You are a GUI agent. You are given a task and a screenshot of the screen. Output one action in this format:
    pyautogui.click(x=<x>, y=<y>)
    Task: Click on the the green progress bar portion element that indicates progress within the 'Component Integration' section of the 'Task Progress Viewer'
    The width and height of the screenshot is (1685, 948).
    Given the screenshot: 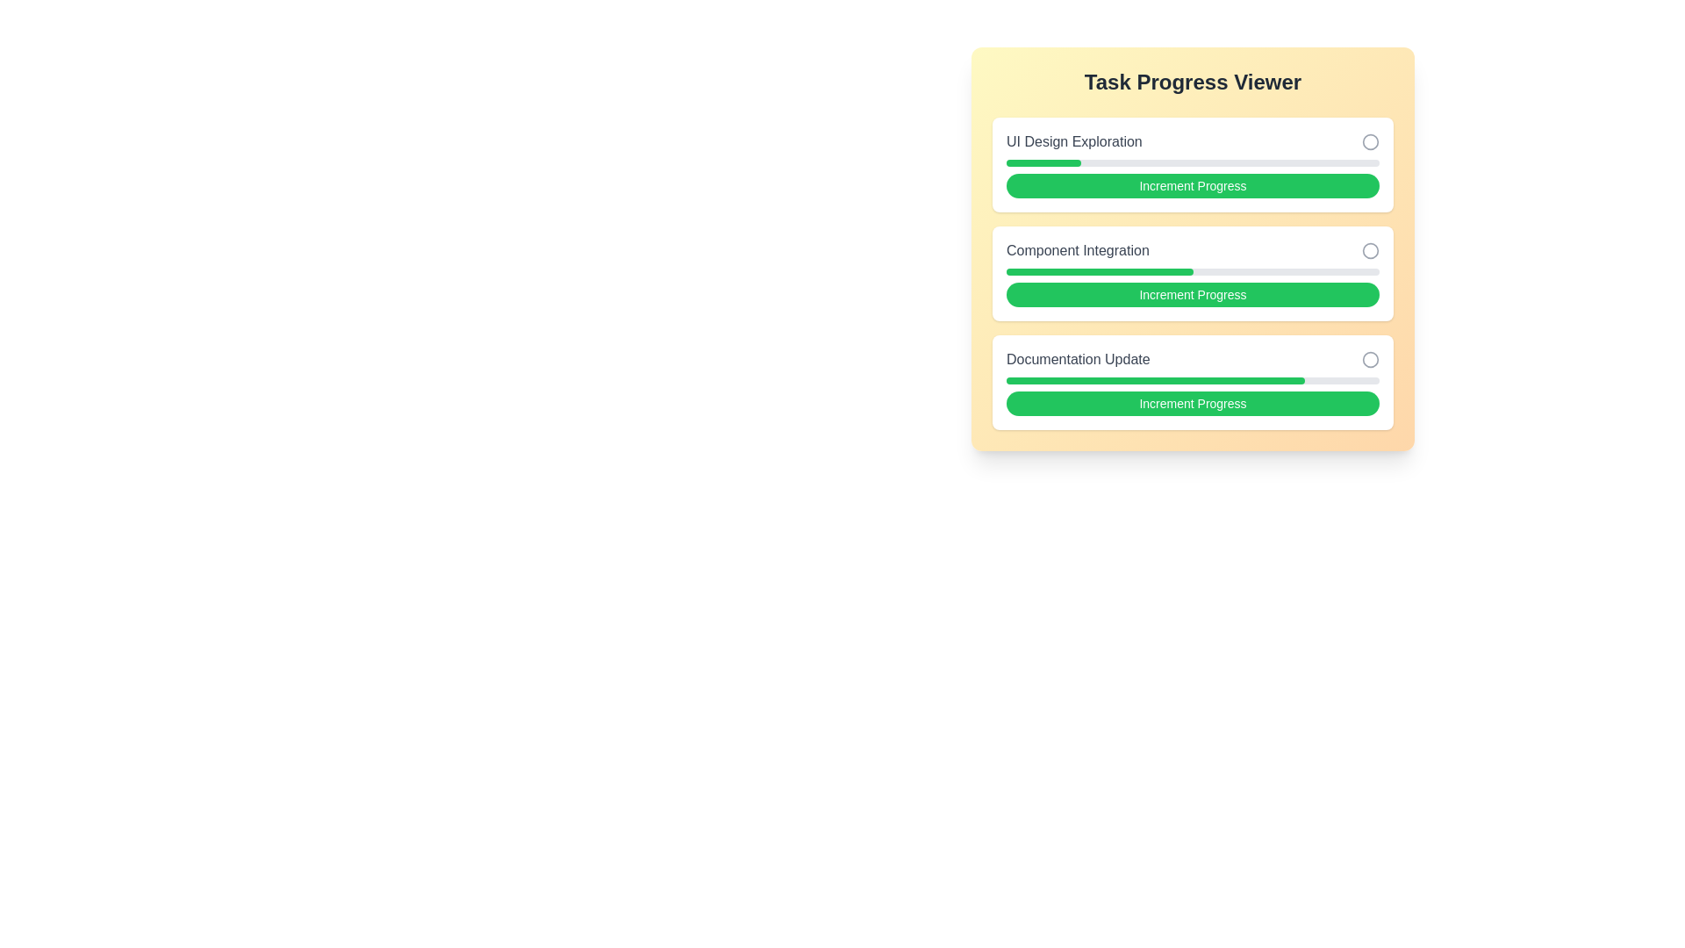 What is the action you would take?
    pyautogui.click(x=1099, y=271)
    